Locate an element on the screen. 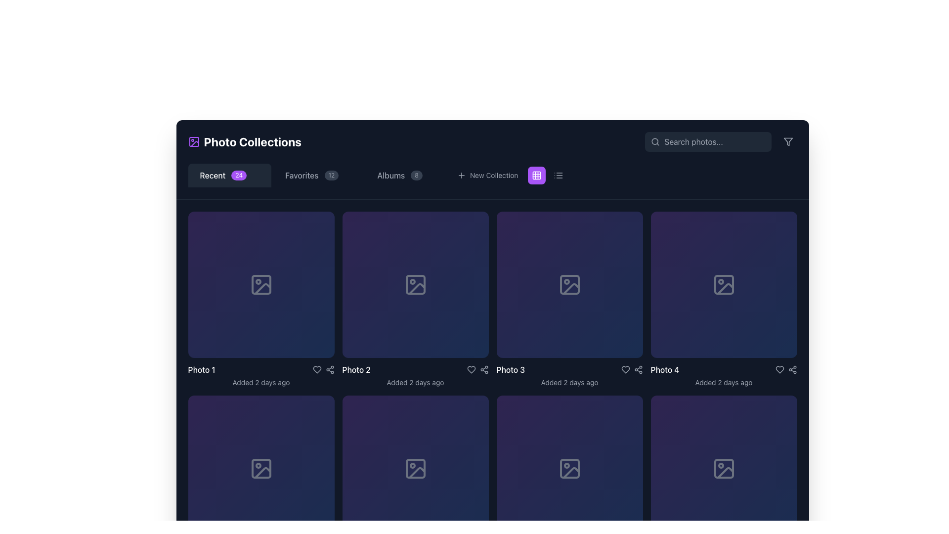  information displayed in the Metadata component located below Photo 3, which shows the photo's label and addition date is located at coordinates (569, 375).